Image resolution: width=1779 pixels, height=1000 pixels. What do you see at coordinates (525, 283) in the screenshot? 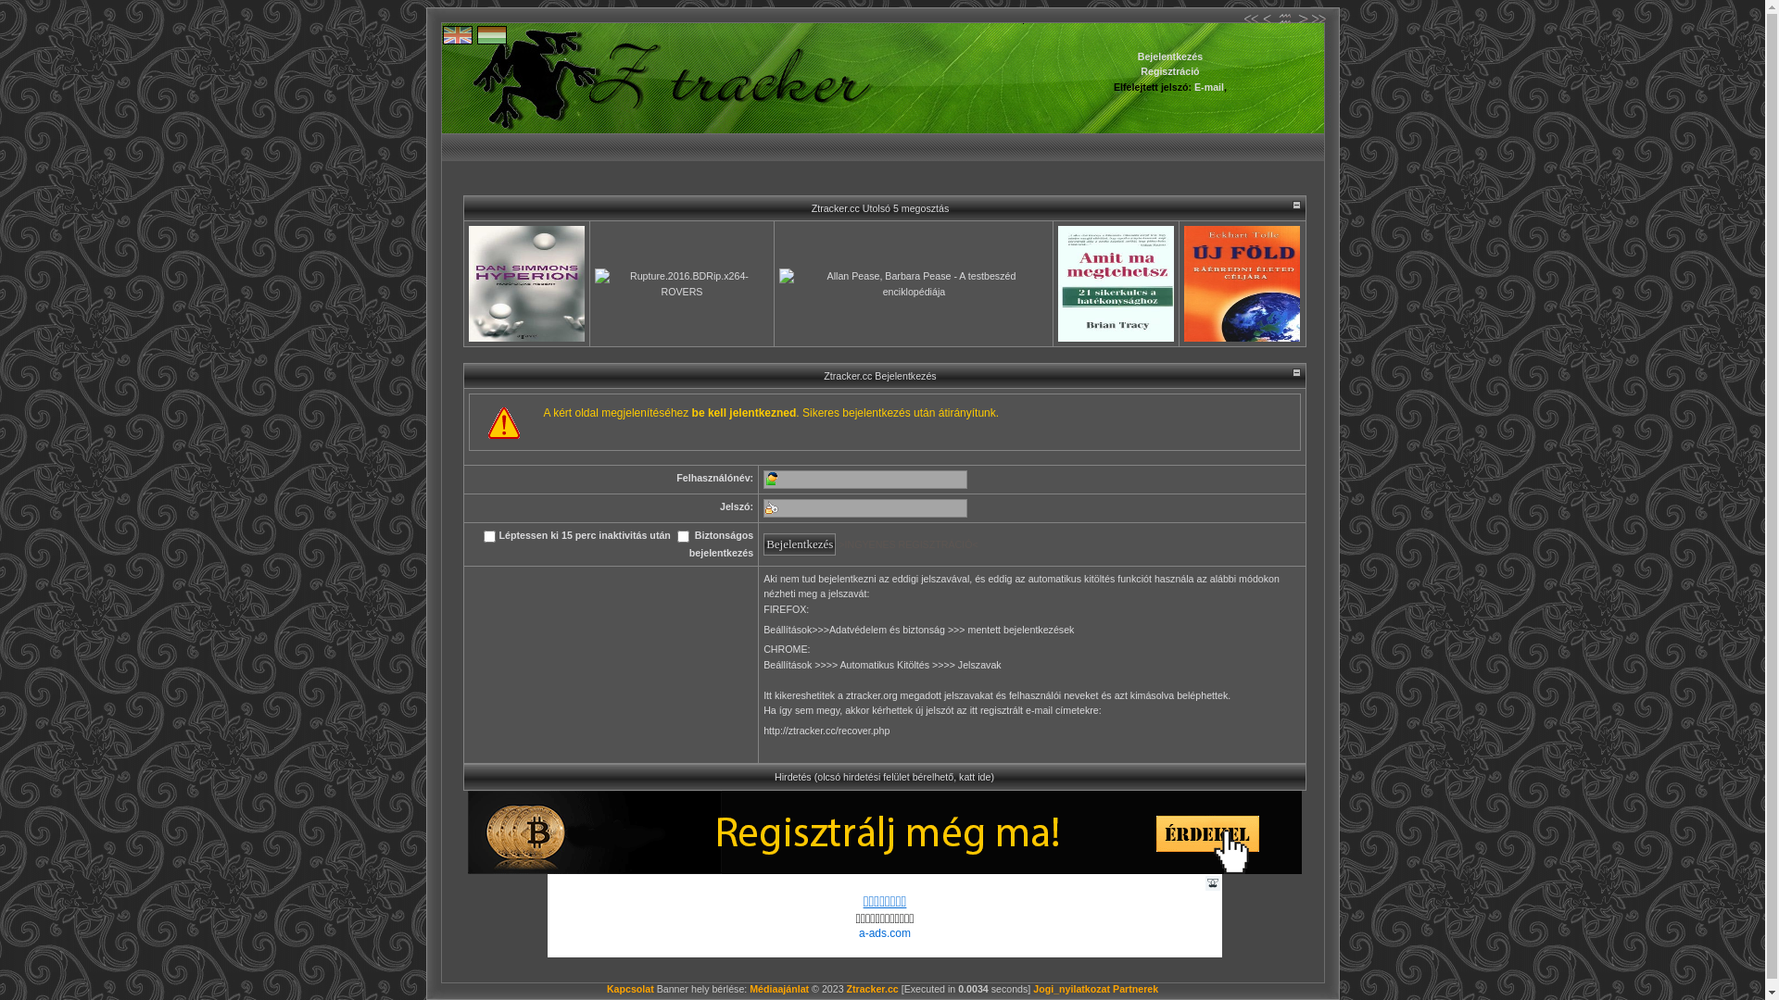
I see `'Dan Simmons - Hyperion'` at bounding box center [525, 283].